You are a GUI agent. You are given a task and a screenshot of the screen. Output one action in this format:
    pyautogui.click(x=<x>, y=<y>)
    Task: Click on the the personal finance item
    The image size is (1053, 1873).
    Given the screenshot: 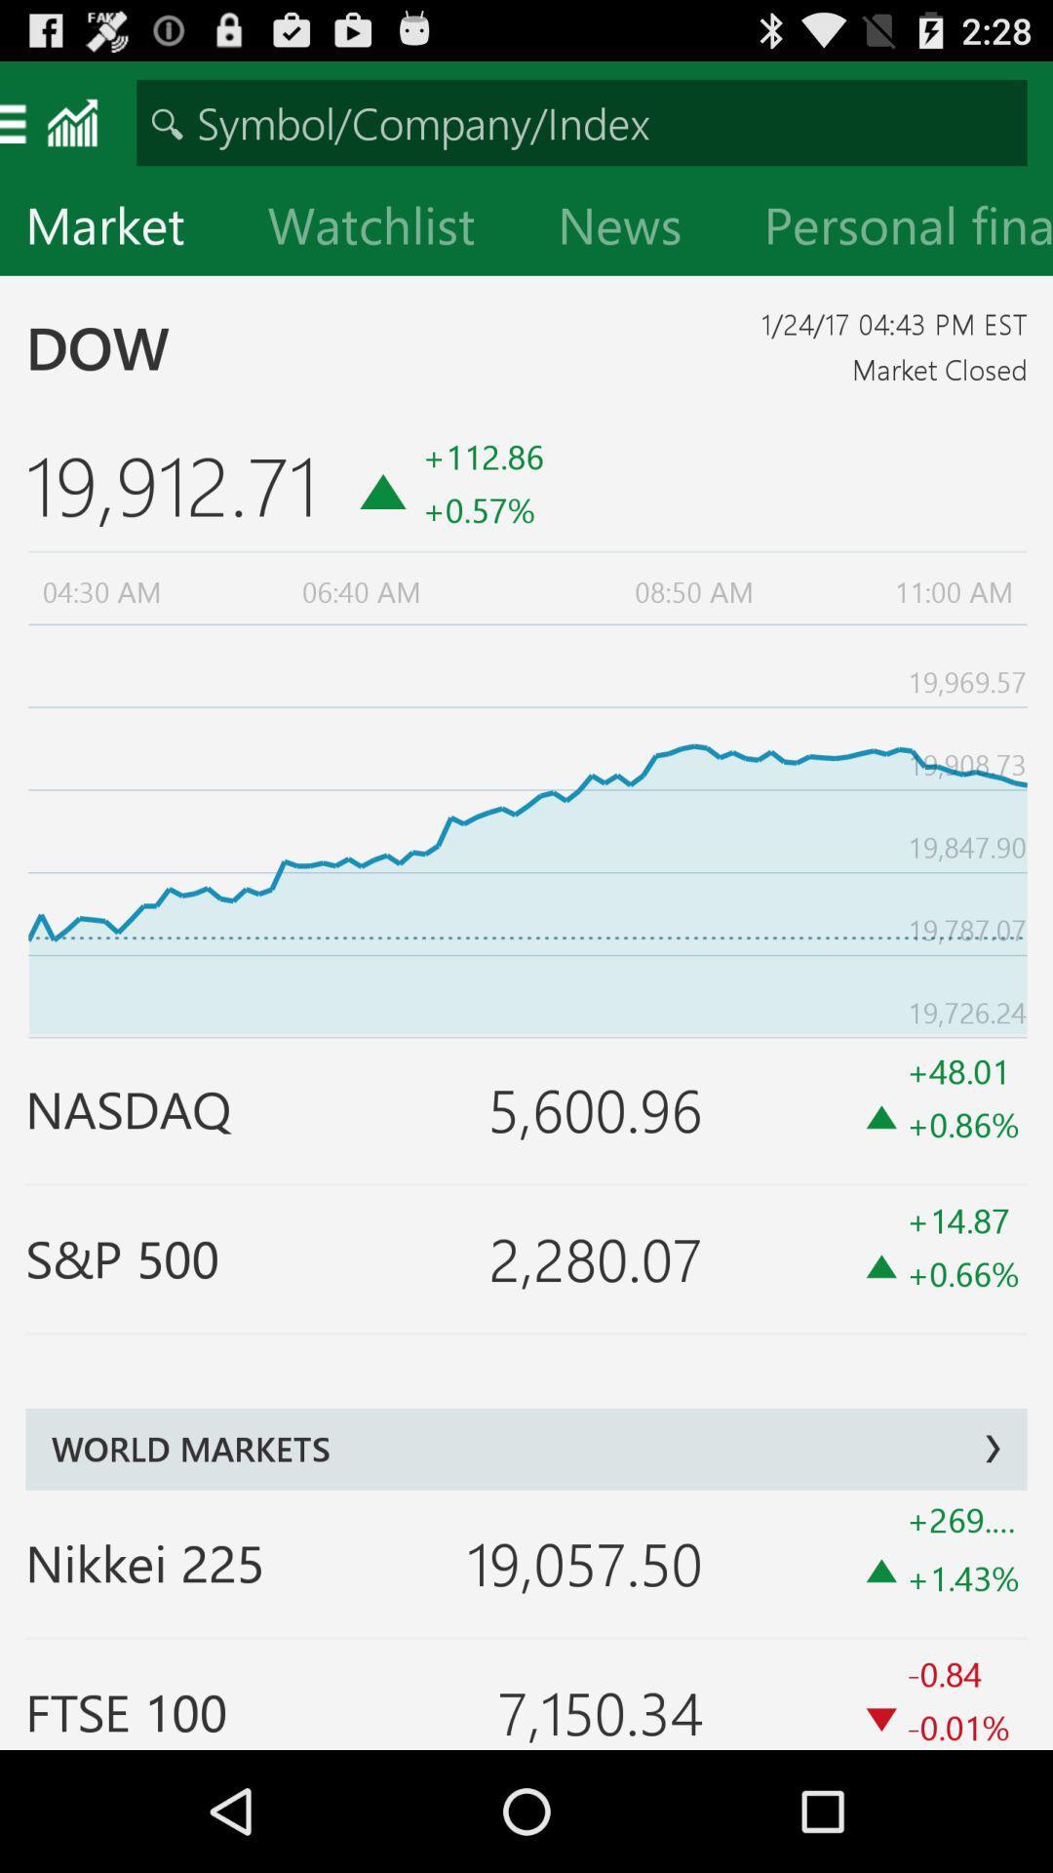 What is the action you would take?
    pyautogui.click(x=895, y=229)
    